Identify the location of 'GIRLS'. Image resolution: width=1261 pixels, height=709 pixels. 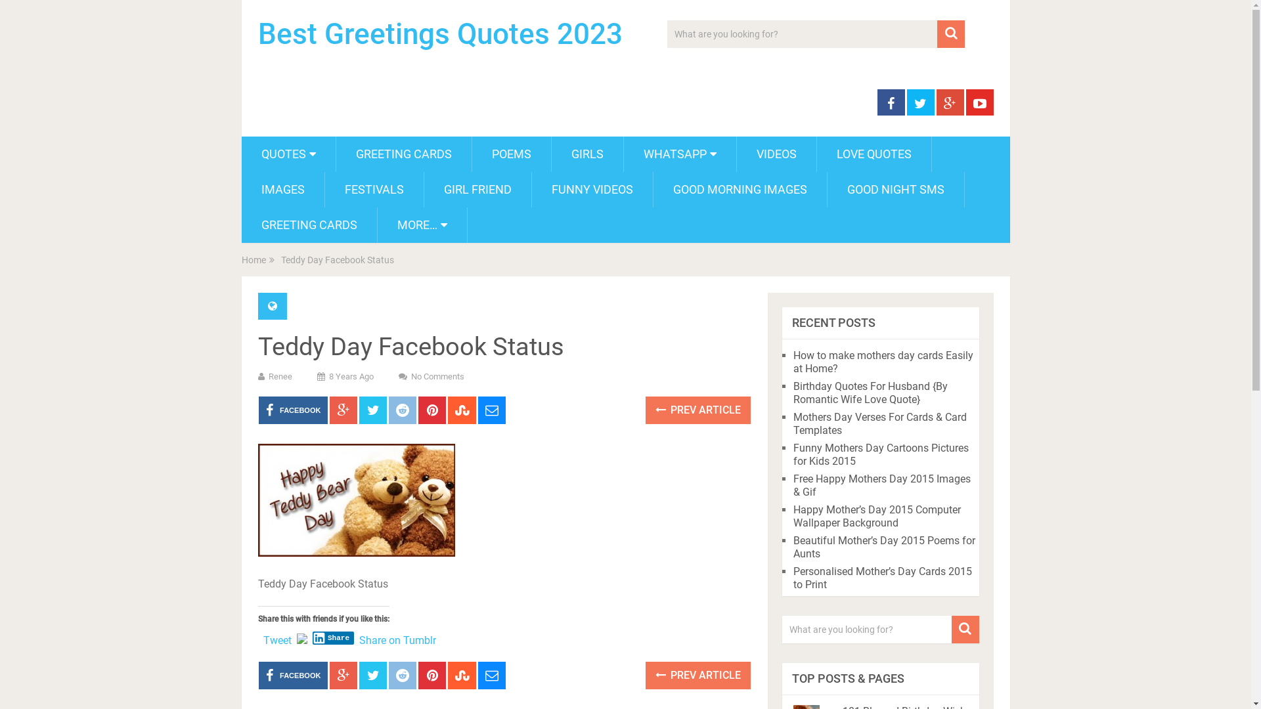
(586, 154).